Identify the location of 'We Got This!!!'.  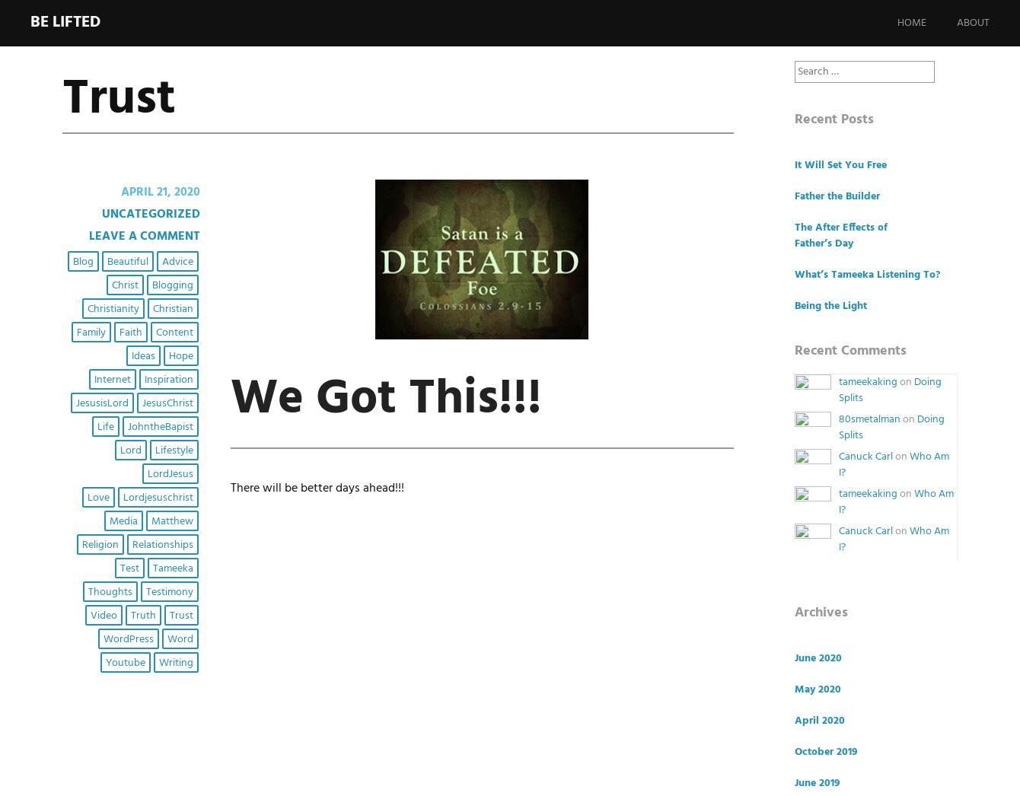
(384, 399).